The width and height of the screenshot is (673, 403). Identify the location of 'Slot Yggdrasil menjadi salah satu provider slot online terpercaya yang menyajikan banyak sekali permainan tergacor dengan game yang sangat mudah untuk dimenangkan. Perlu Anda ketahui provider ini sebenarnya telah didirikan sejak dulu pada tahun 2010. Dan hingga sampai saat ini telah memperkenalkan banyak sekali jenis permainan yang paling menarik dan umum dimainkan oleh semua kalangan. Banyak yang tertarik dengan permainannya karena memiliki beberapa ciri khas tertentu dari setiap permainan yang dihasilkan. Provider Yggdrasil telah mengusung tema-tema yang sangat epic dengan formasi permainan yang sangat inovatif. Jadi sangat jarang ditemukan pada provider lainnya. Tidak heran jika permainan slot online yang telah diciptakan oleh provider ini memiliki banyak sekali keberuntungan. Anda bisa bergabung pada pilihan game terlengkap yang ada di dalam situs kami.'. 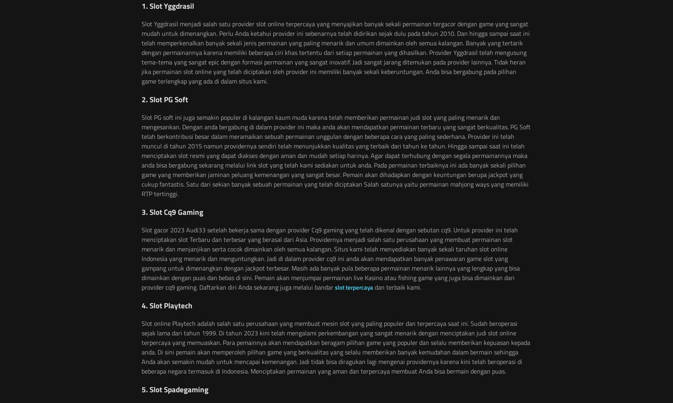
(335, 52).